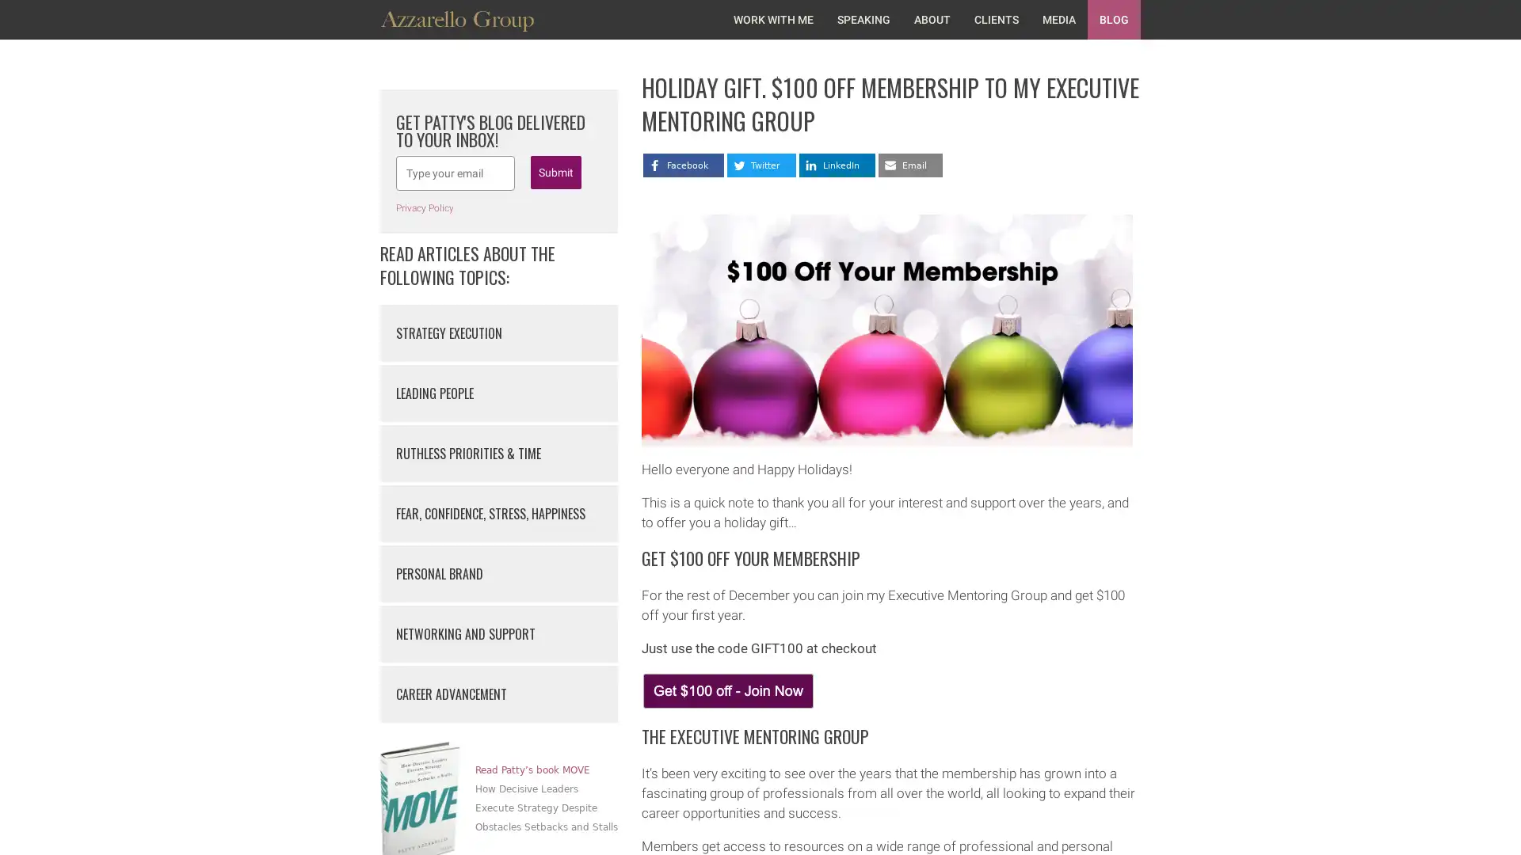  I want to click on CAREER ADVANCEMENT, so click(497, 693).